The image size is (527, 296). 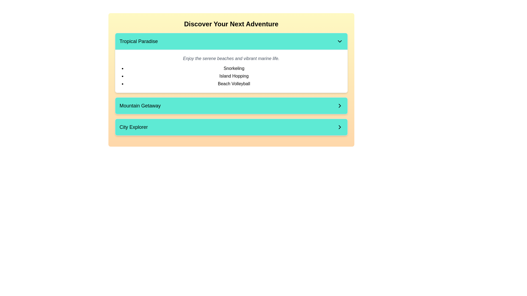 What do you see at coordinates (339, 127) in the screenshot?
I see `the right-pointing chevron arrow icon within the 'City Explorer' button, which signifies navigation or expansion` at bounding box center [339, 127].